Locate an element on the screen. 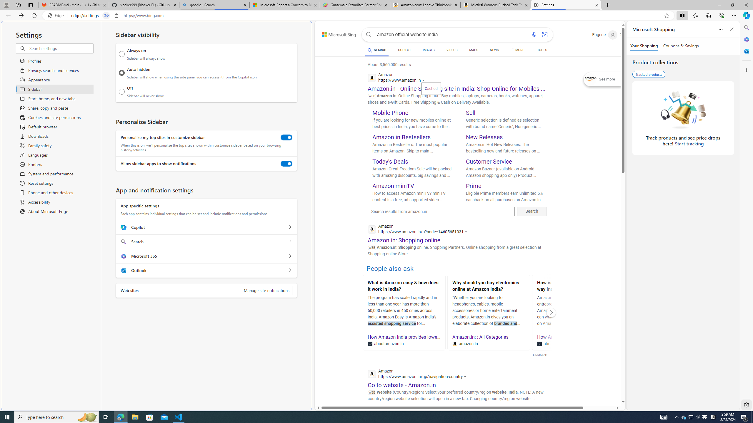 The image size is (753, 423). 'Dropdown Menu' is located at coordinates (518, 50).